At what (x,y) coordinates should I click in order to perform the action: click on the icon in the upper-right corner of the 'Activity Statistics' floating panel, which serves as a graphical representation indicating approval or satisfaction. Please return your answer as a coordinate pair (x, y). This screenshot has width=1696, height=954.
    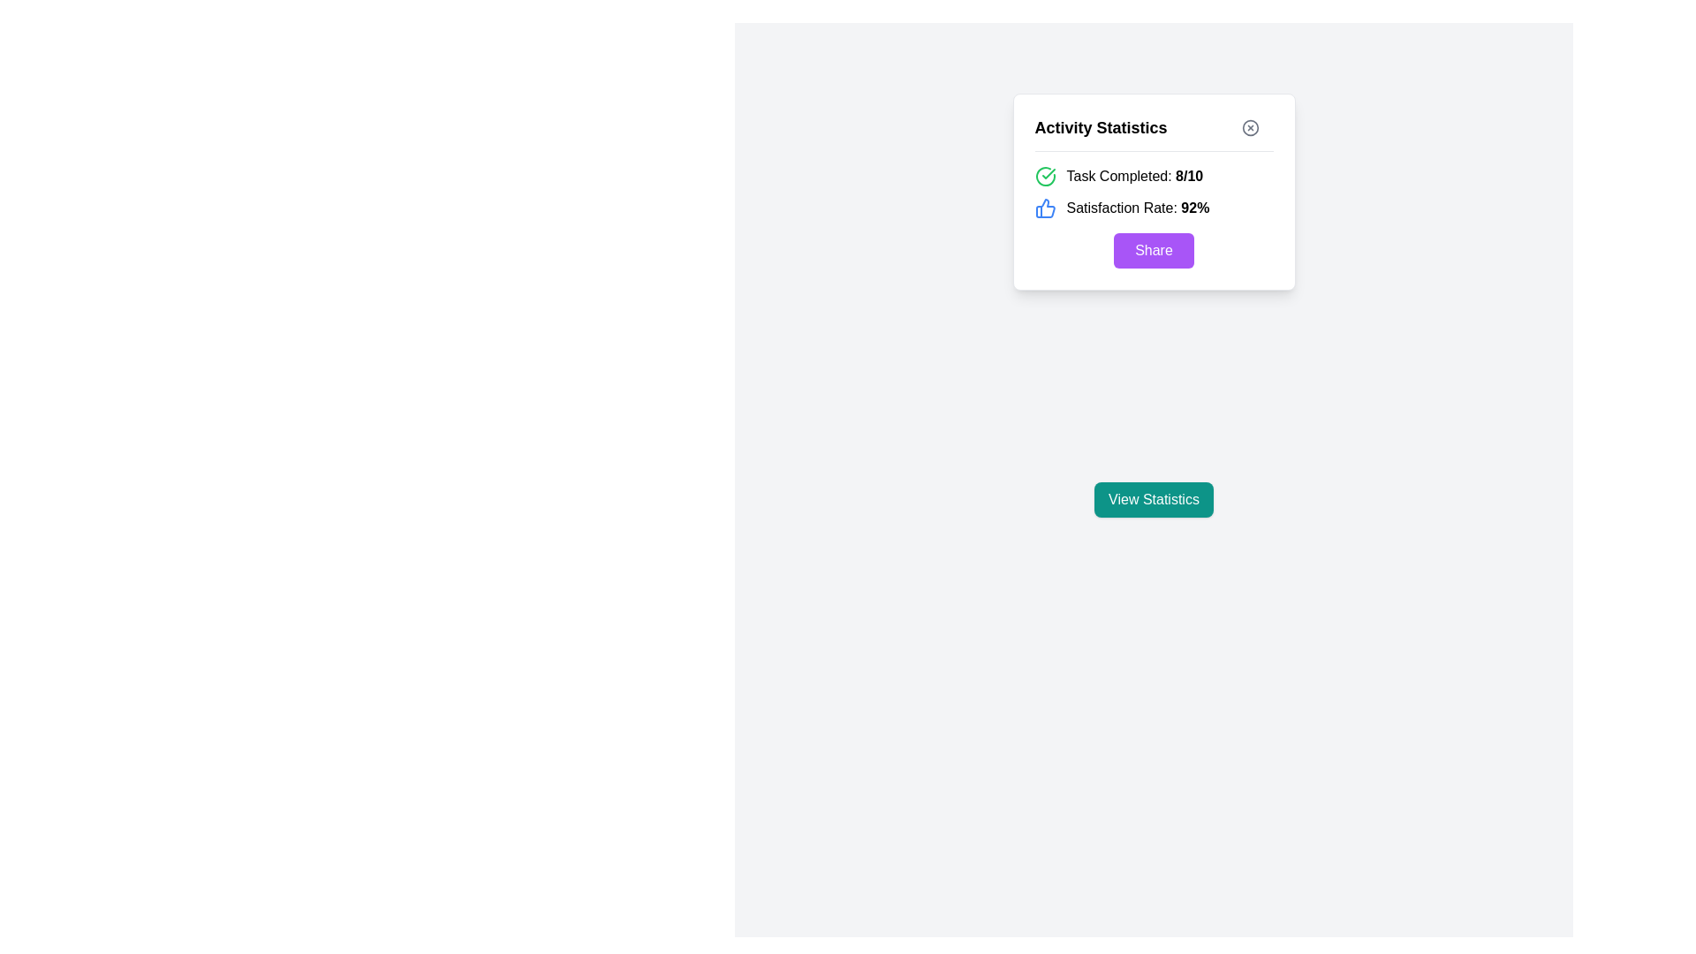
    Looking at the image, I should click on (1045, 207).